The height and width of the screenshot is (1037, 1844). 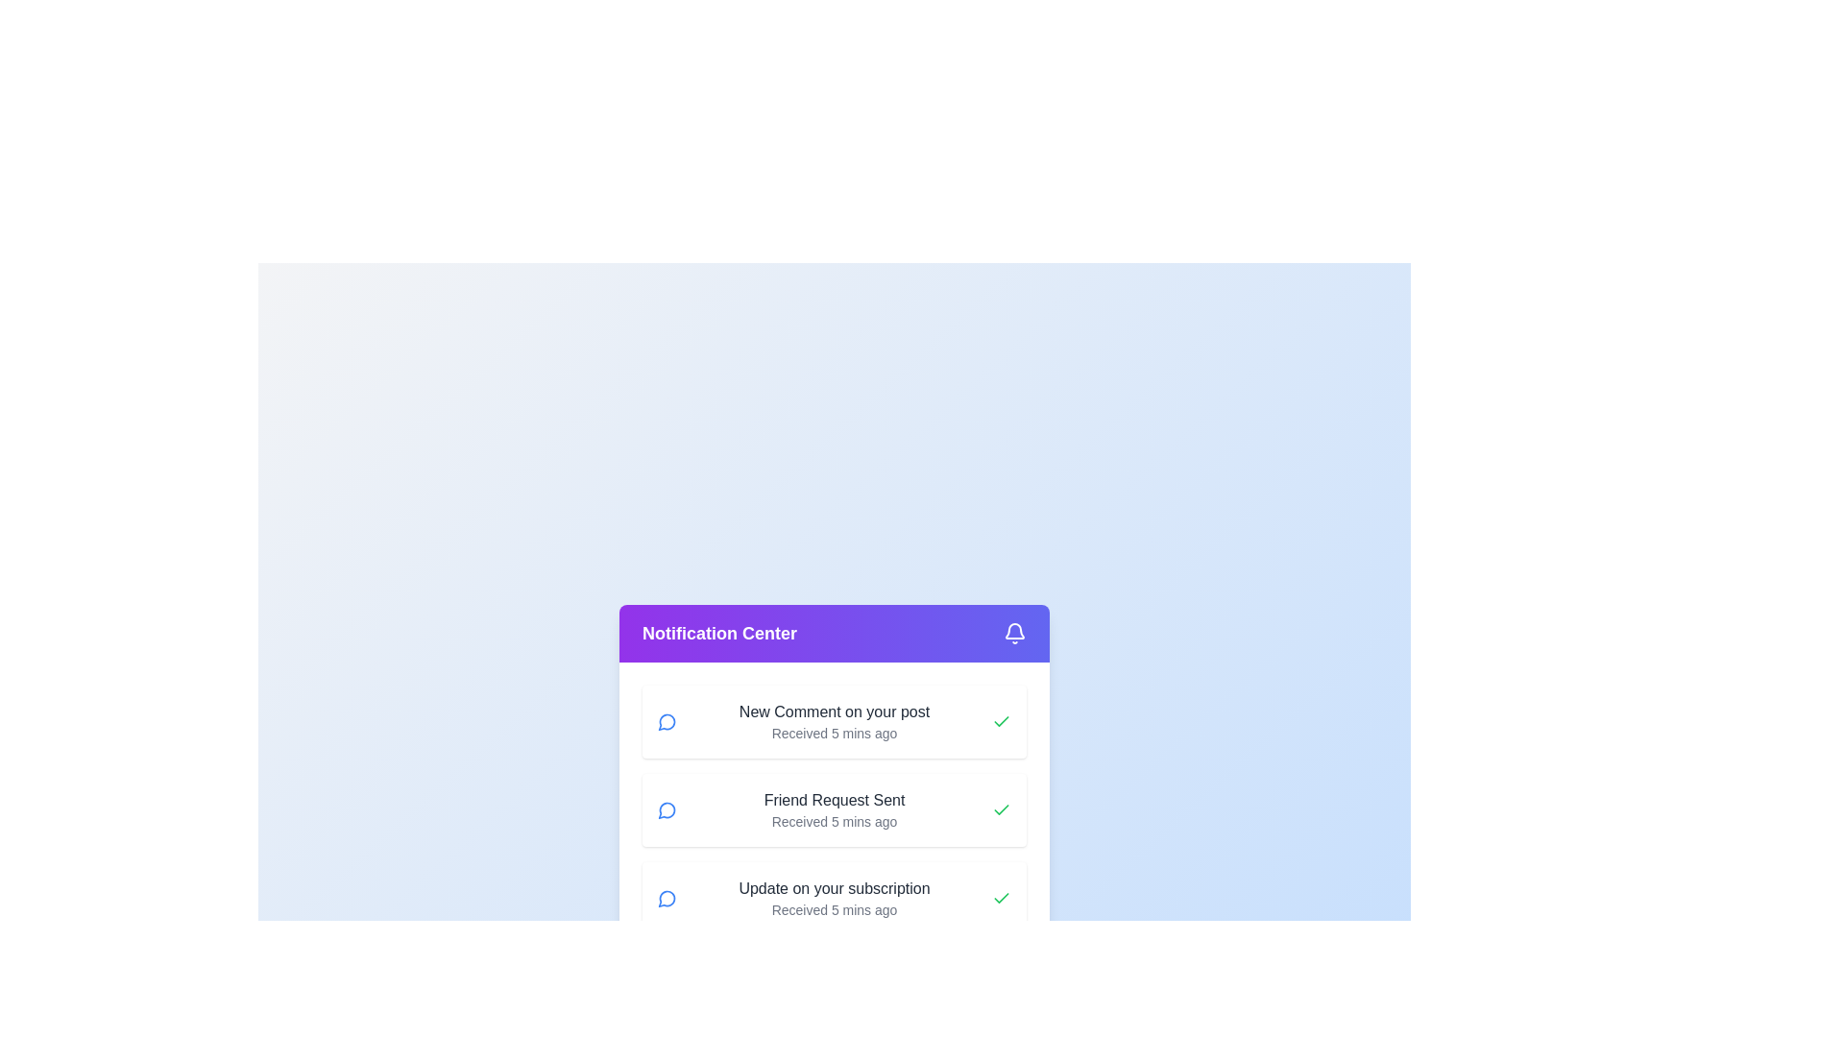 What do you see at coordinates (1000, 810) in the screenshot?
I see `the small, rounded green checkmark icon within the white rectangular background, which is part of the 'Friend Request Sent' notification card` at bounding box center [1000, 810].